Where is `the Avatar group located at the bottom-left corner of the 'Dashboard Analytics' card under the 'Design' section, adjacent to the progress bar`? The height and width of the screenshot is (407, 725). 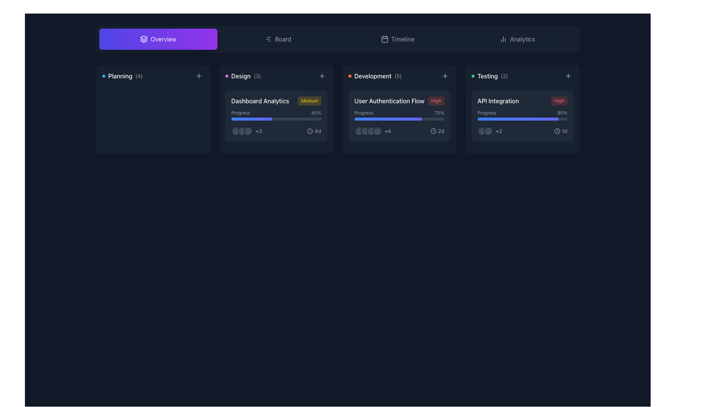
the Avatar group located at the bottom-left corner of the 'Dashboard Analytics' card under the 'Design' section, adjacent to the progress bar is located at coordinates (247, 130).